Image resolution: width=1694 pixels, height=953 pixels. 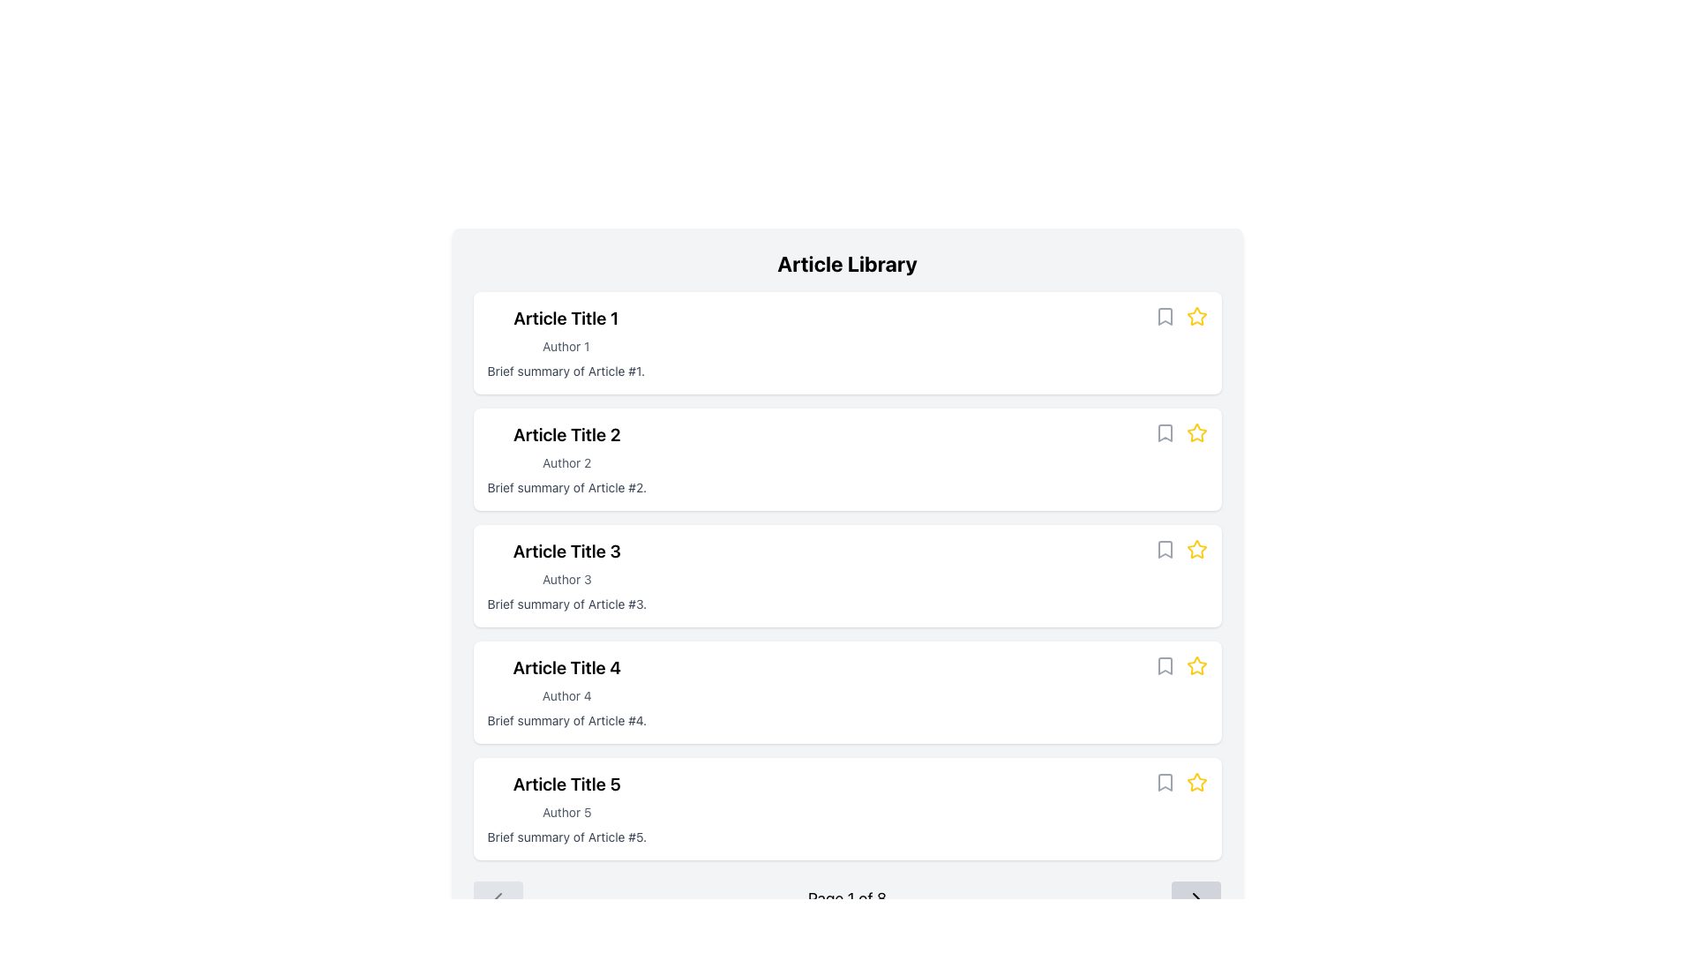 I want to click on the text label that signifies the author of 'Article Title 1', which is located below the article title and above the summary text, so click(x=566, y=347).